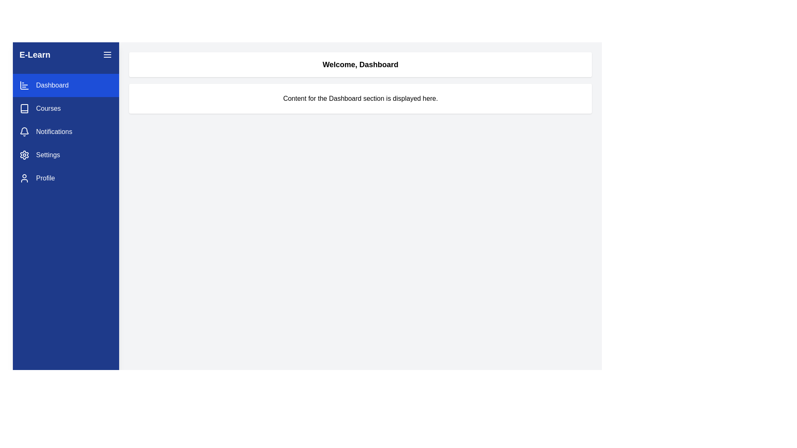 The height and width of the screenshot is (448, 797). Describe the element at coordinates (360, 64) in the screenshot. I see `the bold, large-sized static text label reading 'Welcome, Dashboard', prominently displayed at the top of the main content area within a white background box` at that location.